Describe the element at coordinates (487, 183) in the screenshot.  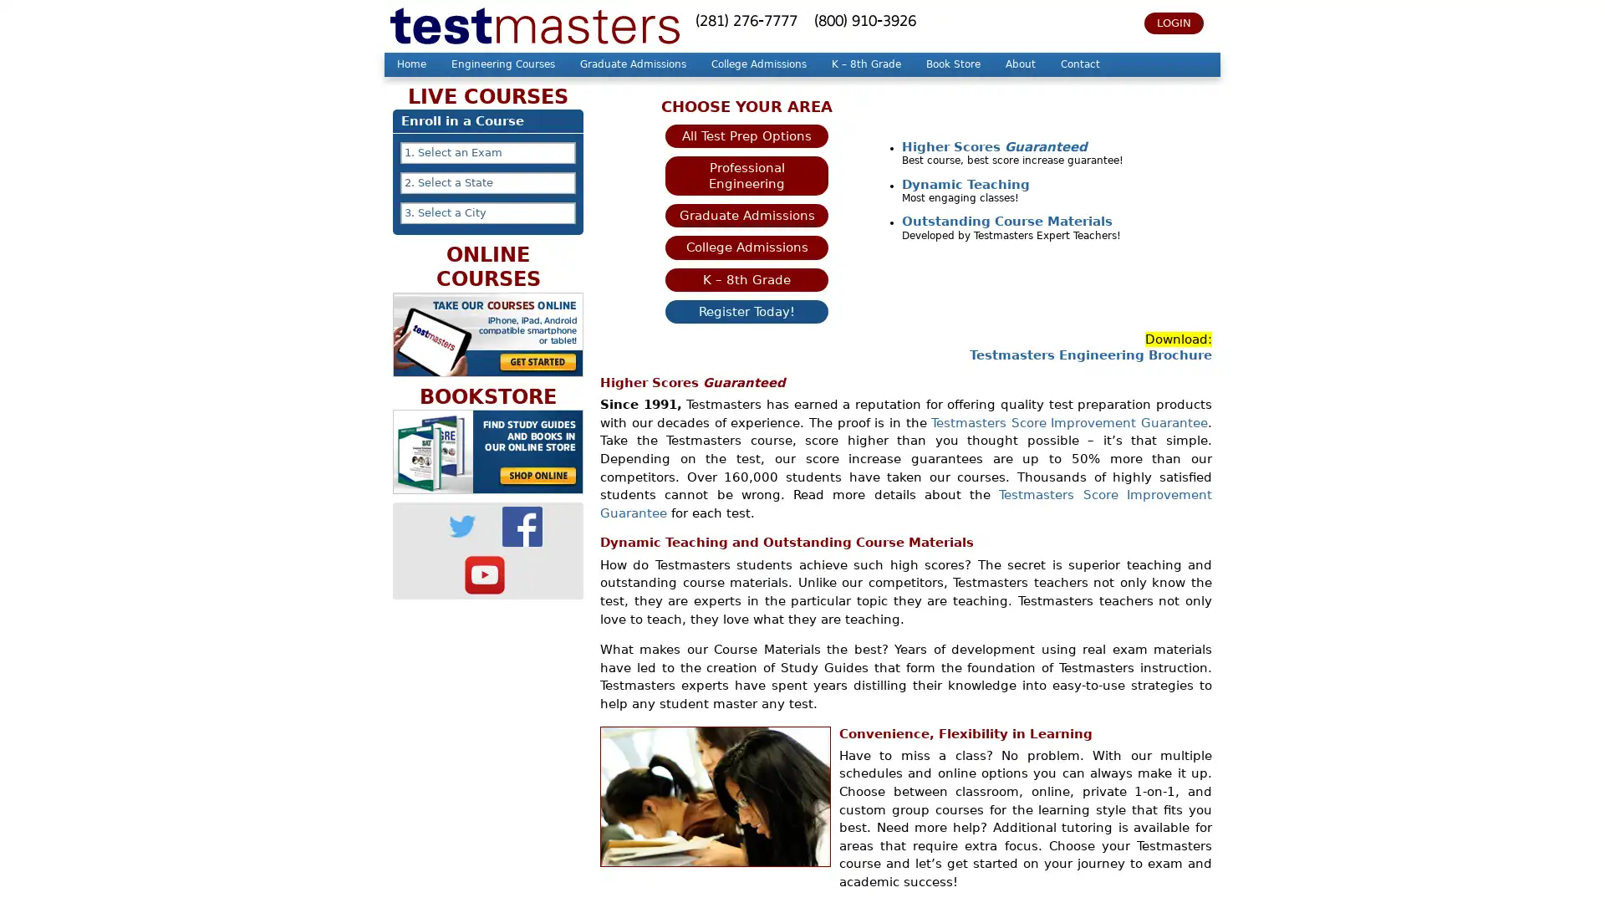
I see `2. Select a State` at that location.